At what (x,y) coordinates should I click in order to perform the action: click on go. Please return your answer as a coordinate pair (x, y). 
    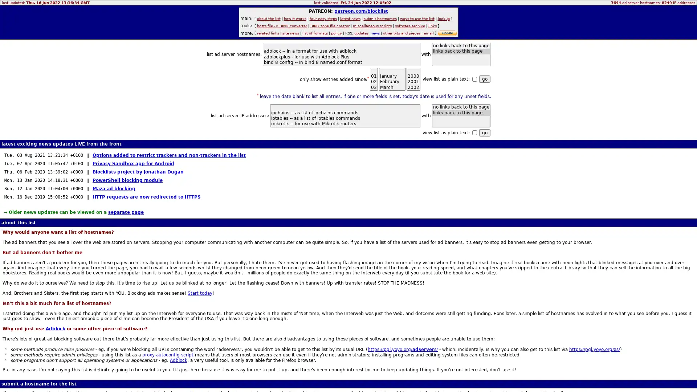
    Looking at the image, I should click on (484, 132).